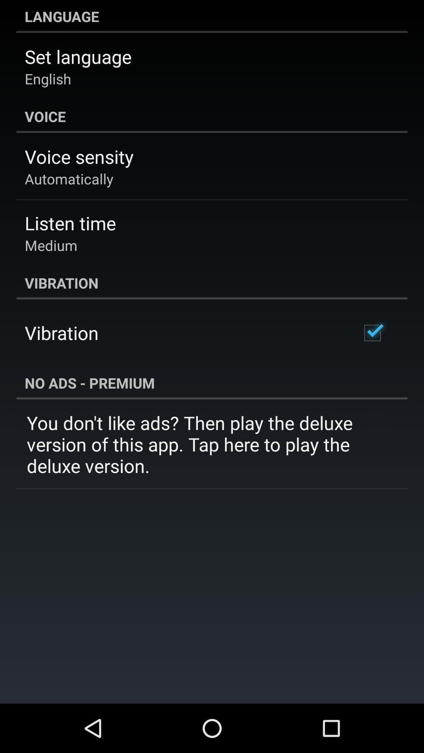  What do you see at coordinates (51, 245) in the screenshot?
I see `icon above vibration app` at bounding box center [51, 245].